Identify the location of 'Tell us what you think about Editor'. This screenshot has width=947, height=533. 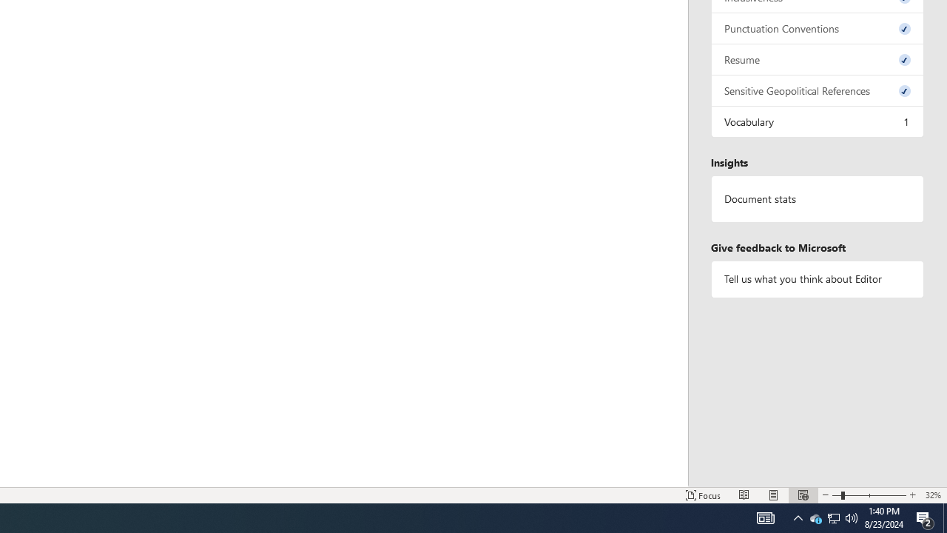
(817, 279).